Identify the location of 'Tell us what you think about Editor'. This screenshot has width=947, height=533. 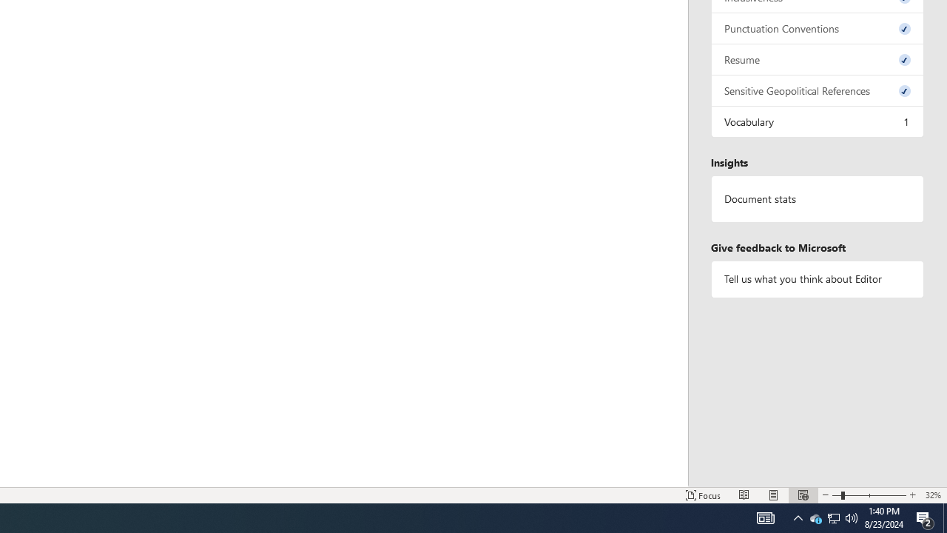
(817, 279).